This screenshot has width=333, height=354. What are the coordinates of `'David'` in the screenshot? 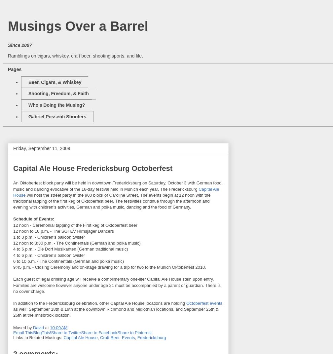 It's located at (32, 327).